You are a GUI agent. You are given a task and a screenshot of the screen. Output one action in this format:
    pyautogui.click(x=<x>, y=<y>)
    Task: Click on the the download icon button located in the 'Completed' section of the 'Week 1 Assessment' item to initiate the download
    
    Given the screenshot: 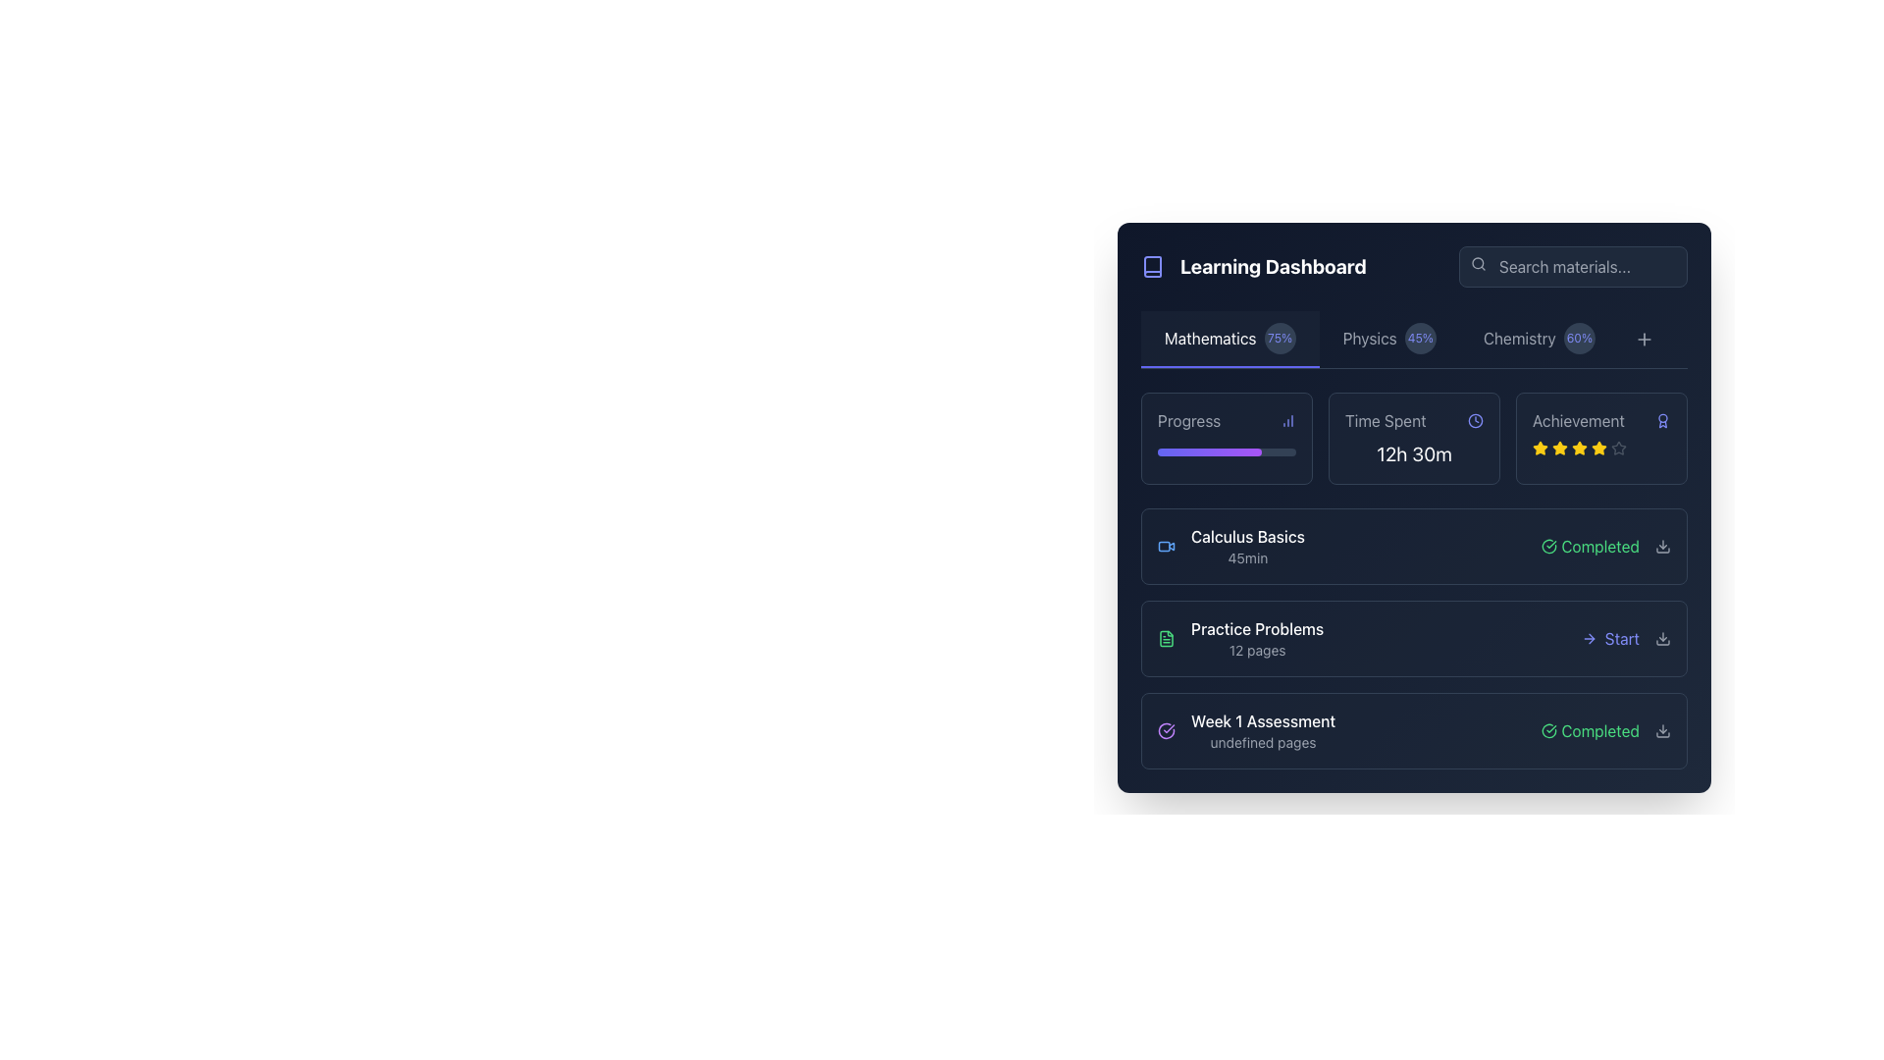 What is the action you would take?
    pyautogui.click(x=1661, y=730)
    